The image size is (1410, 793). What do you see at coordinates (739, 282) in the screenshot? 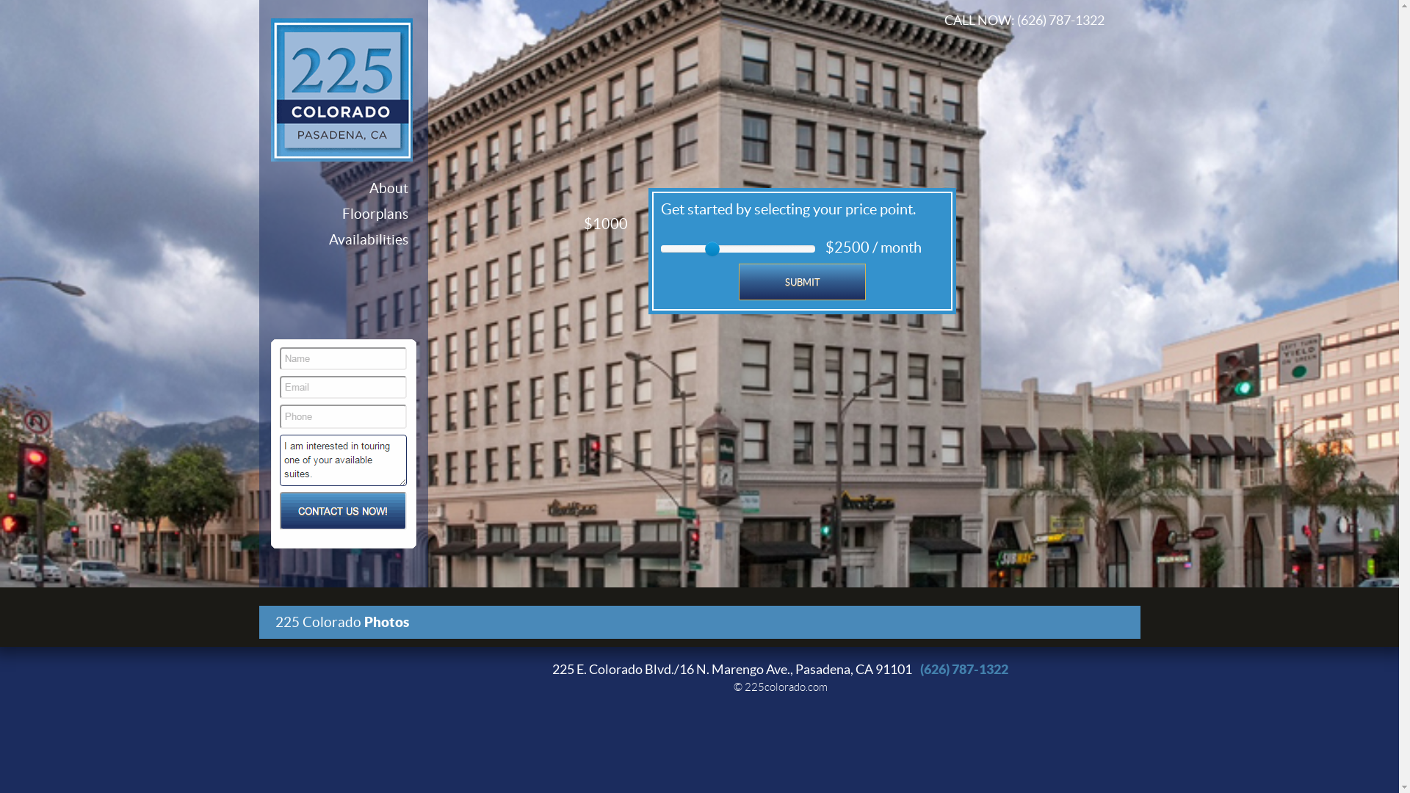
I see `'SUBMIT'` at bounding box center [739, 282].